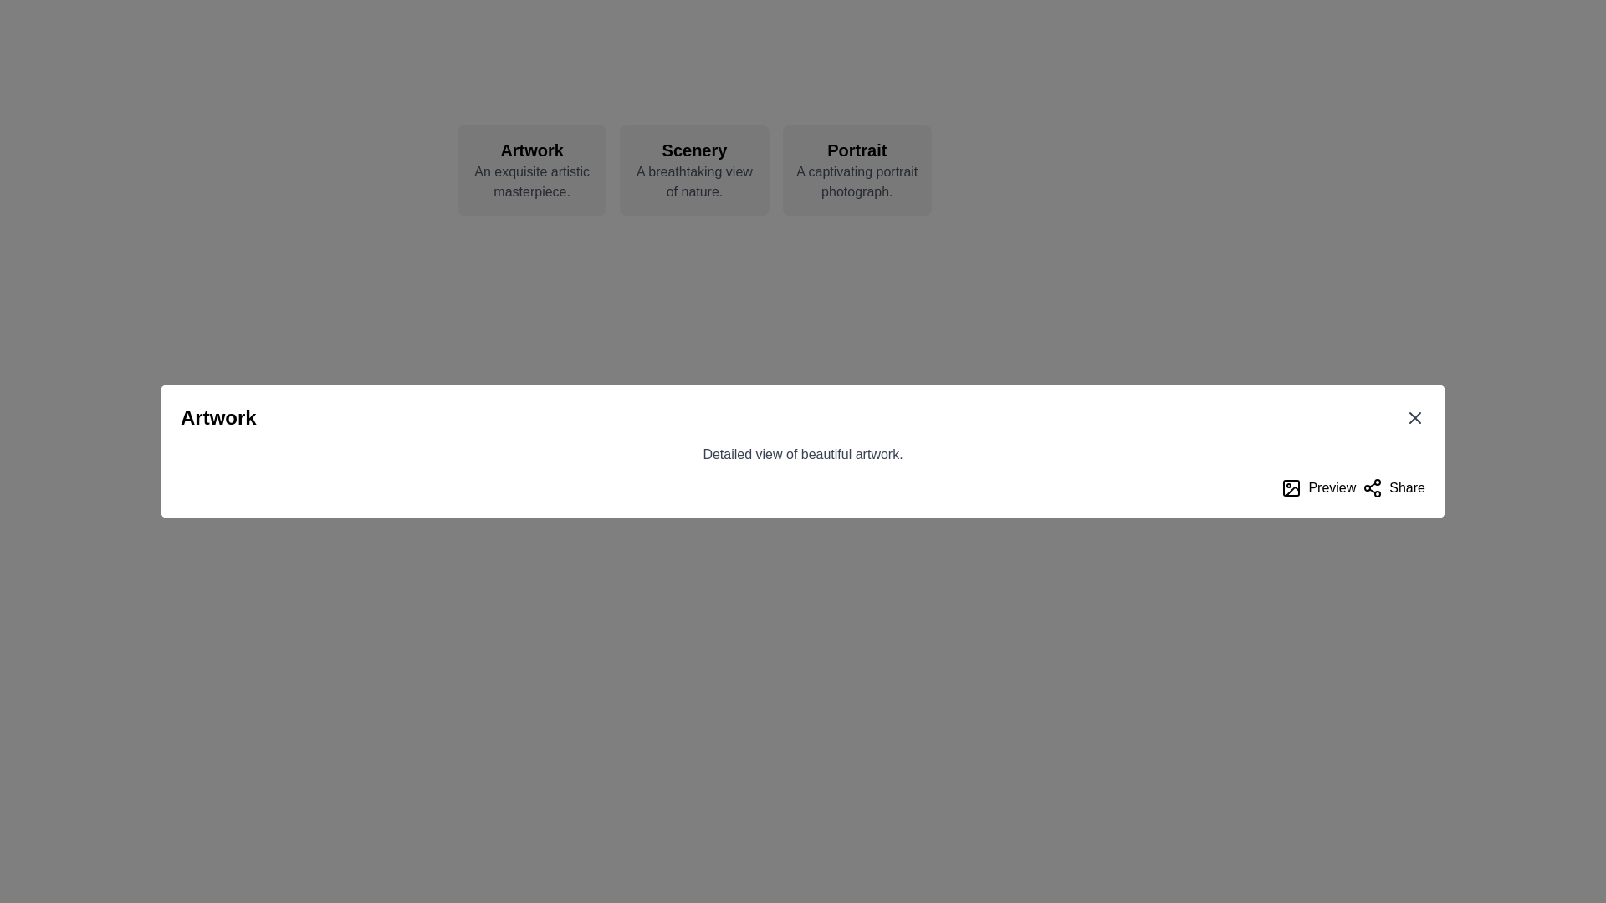 The height and width of the screenshot is (903, 1606). Describe the element at coordinates (694, 150) in the screenshot. I see `the text label that acts as a title or heading for the card, which is centrally located at the top of the card` at that location.